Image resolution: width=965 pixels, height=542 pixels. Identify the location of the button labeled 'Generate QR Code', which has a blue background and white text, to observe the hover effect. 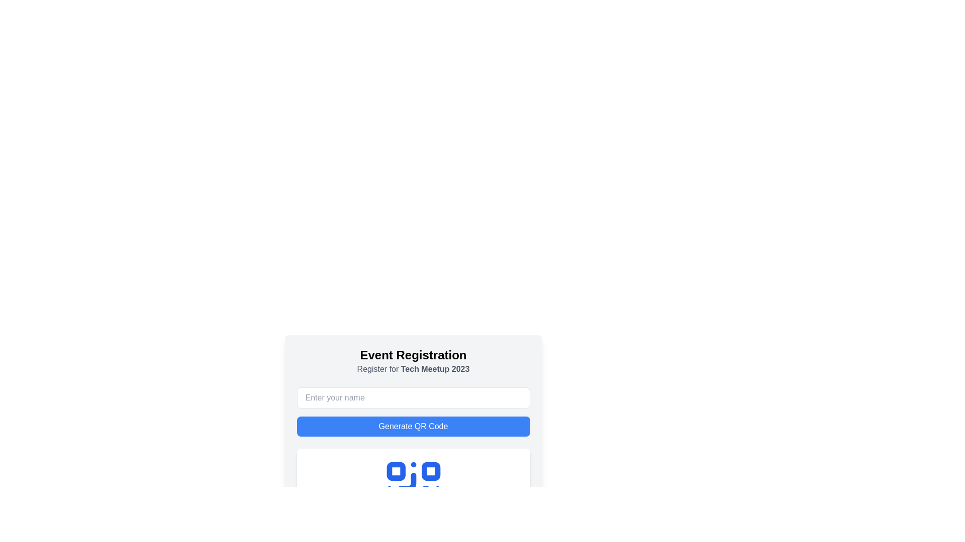
(413, 426).